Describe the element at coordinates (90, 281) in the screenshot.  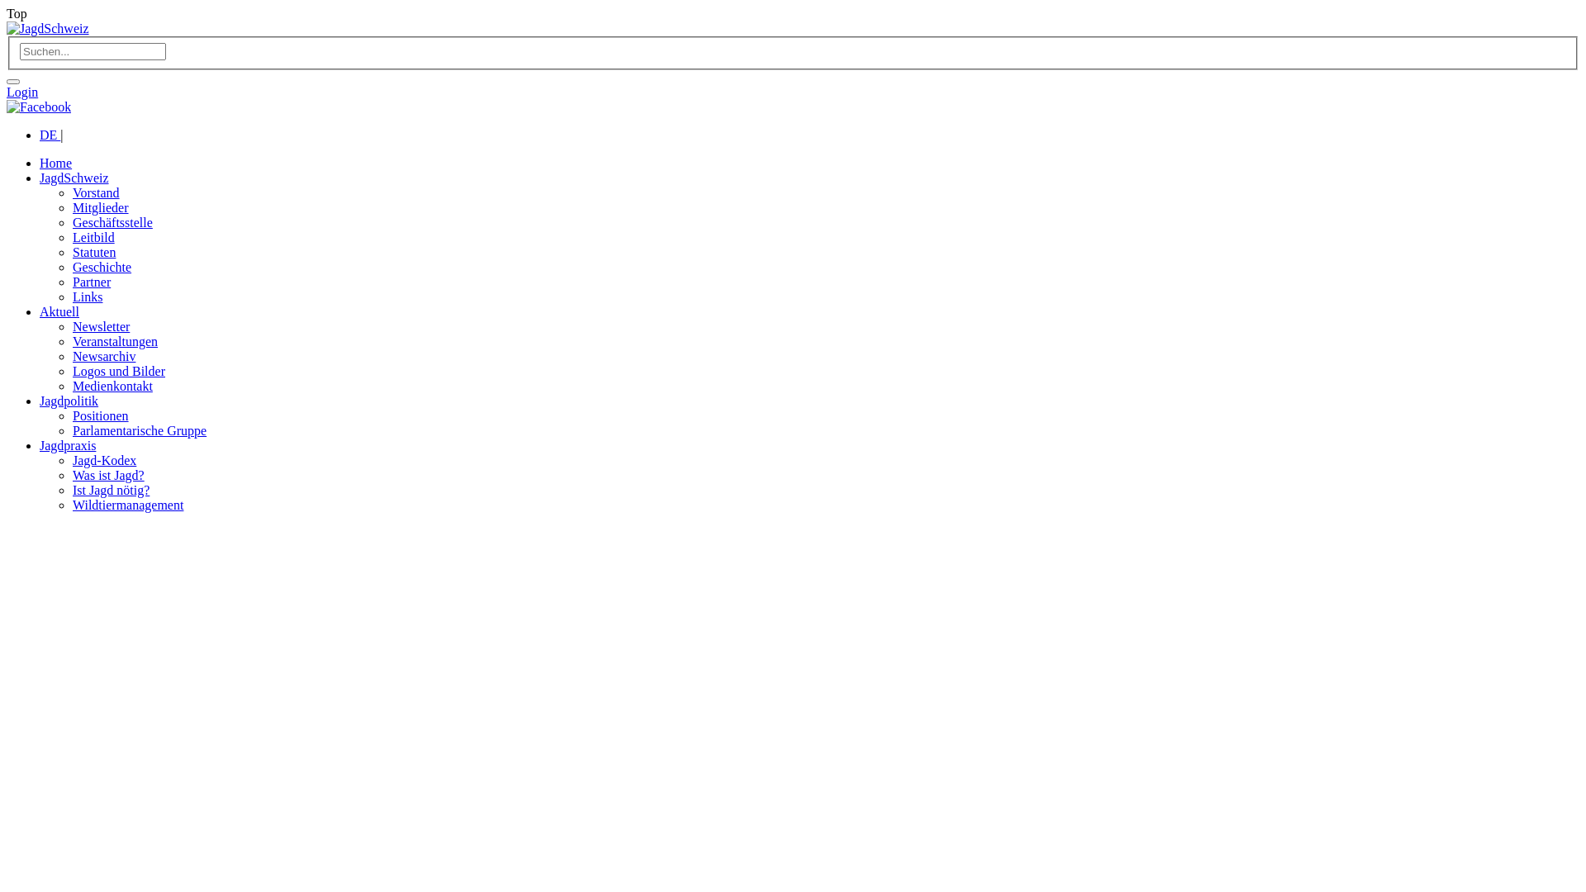
I see `'Partner'` at that location.